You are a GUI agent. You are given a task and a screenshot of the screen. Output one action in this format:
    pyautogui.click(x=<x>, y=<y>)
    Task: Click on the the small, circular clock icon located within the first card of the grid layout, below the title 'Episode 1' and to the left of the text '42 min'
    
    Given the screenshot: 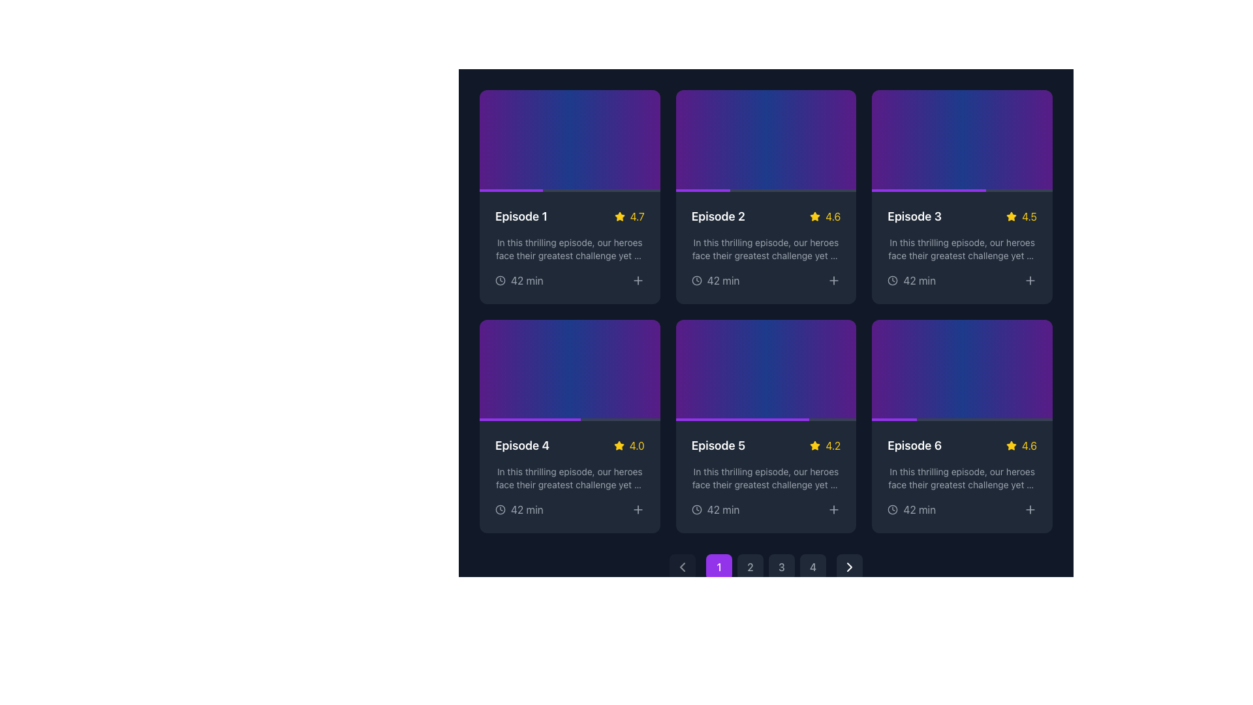 What is the action you would take?
    pyautogui.click(x=500, y=279)
    